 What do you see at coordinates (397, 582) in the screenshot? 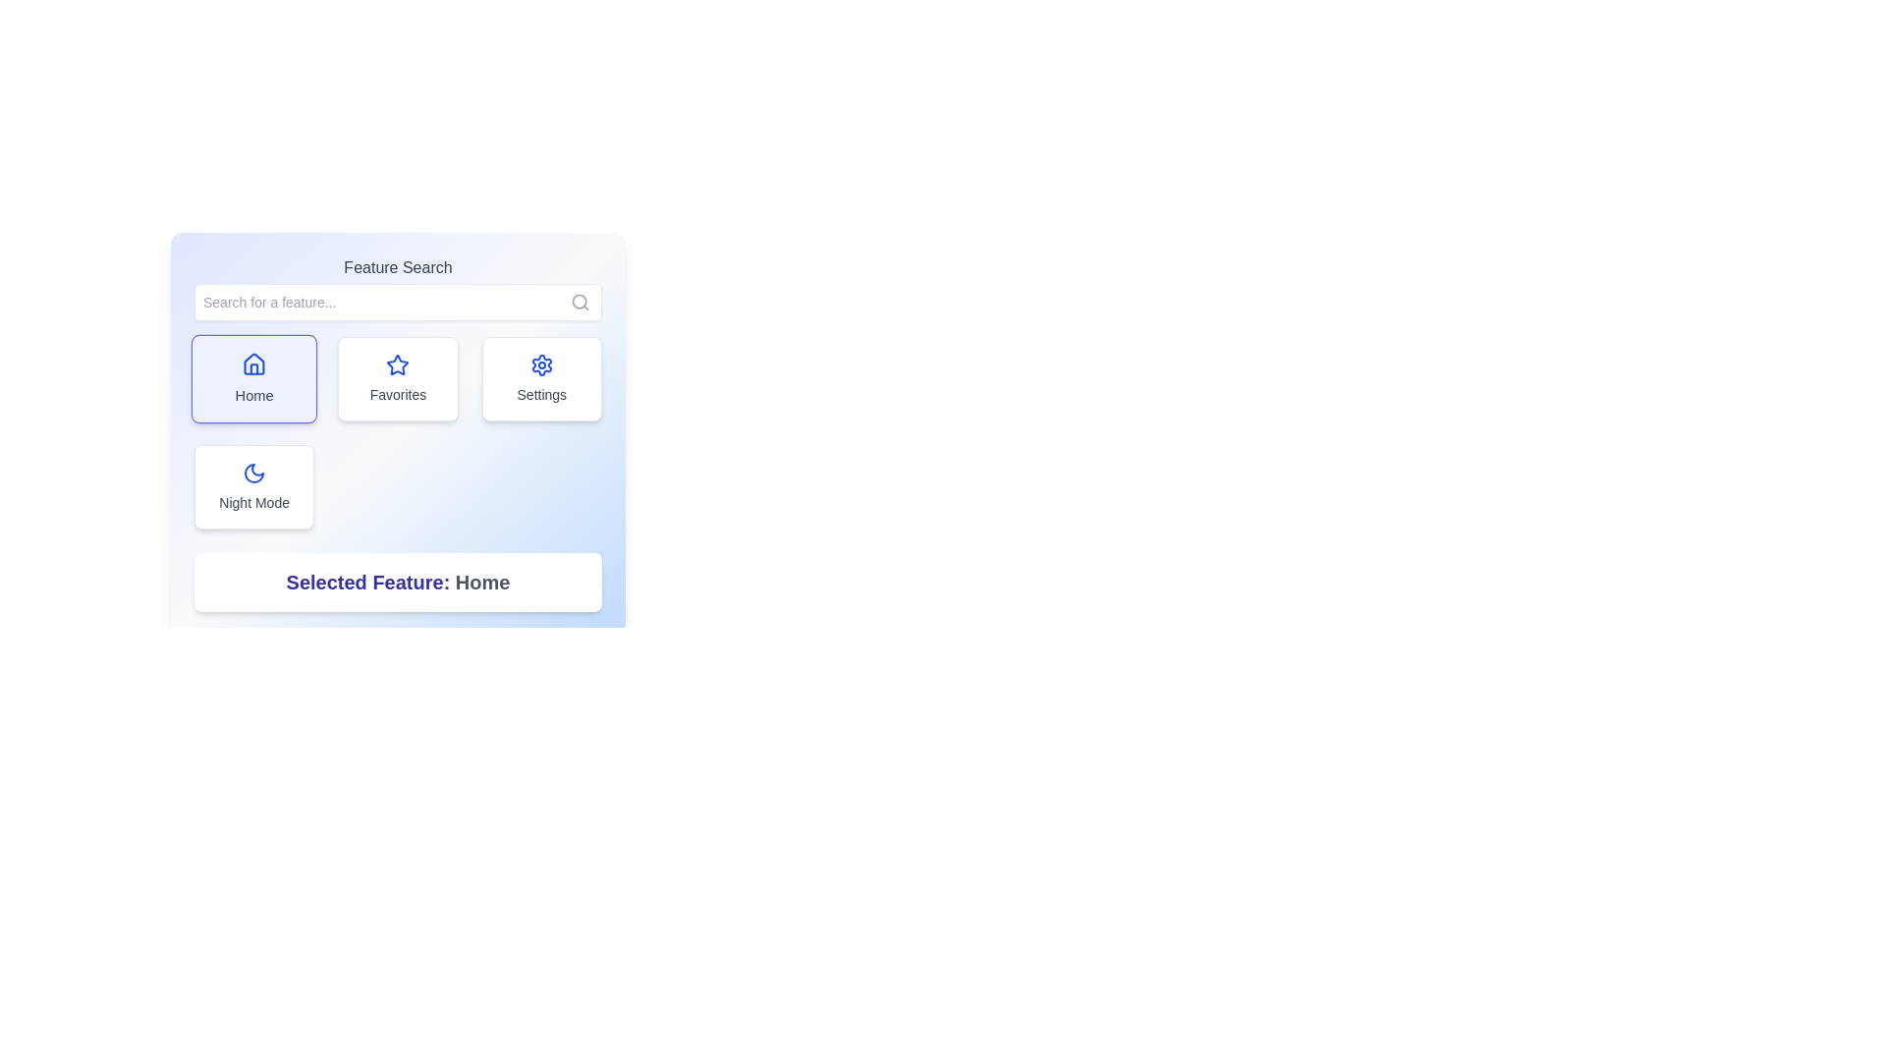
I see `the static text label element displaying 'Selected Feature: Home' which is styled in bold indigo font, located towards the bottom center of the interface` at bounding box center [397, 582].